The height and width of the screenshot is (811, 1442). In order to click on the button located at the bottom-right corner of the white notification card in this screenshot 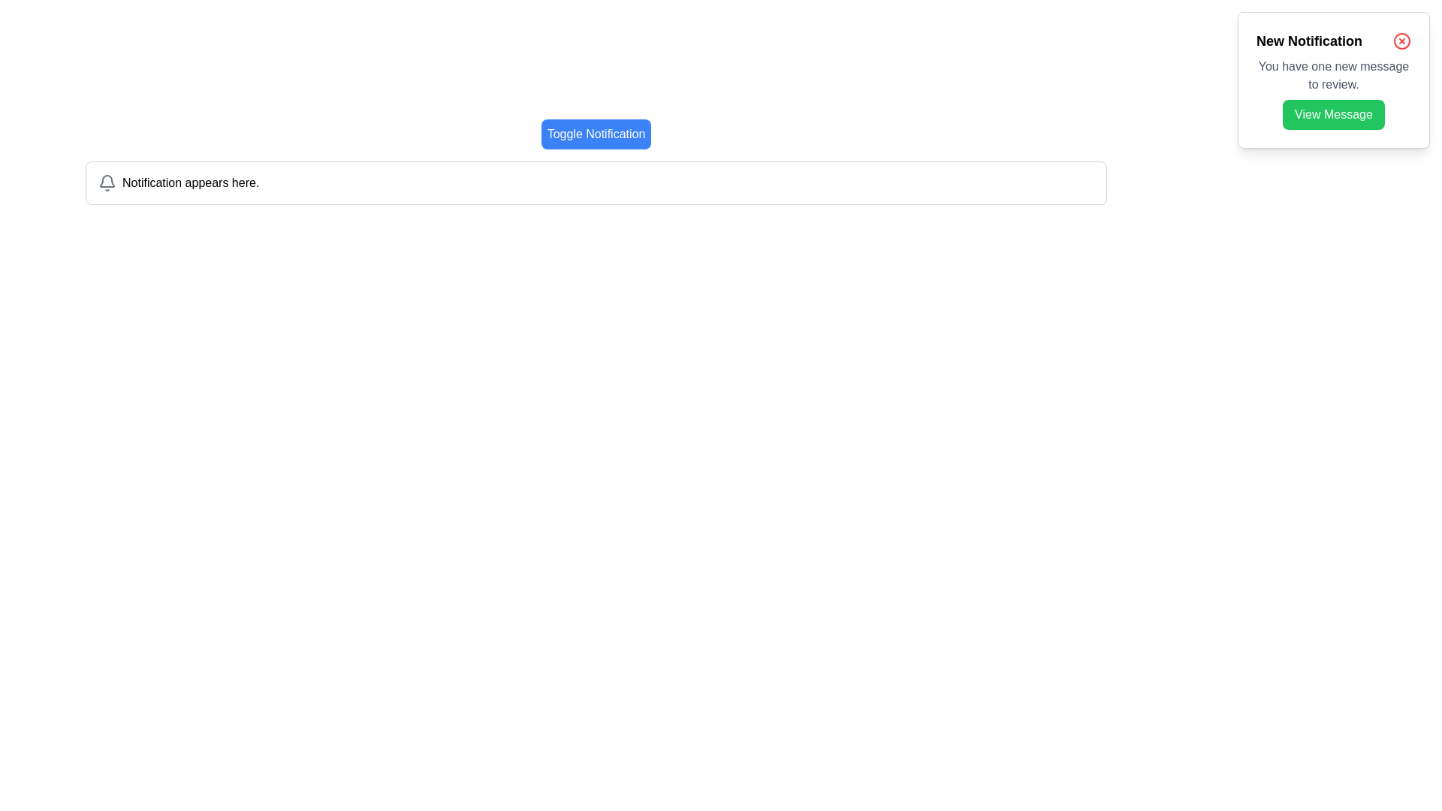, I will do `click(1334, 114)`.